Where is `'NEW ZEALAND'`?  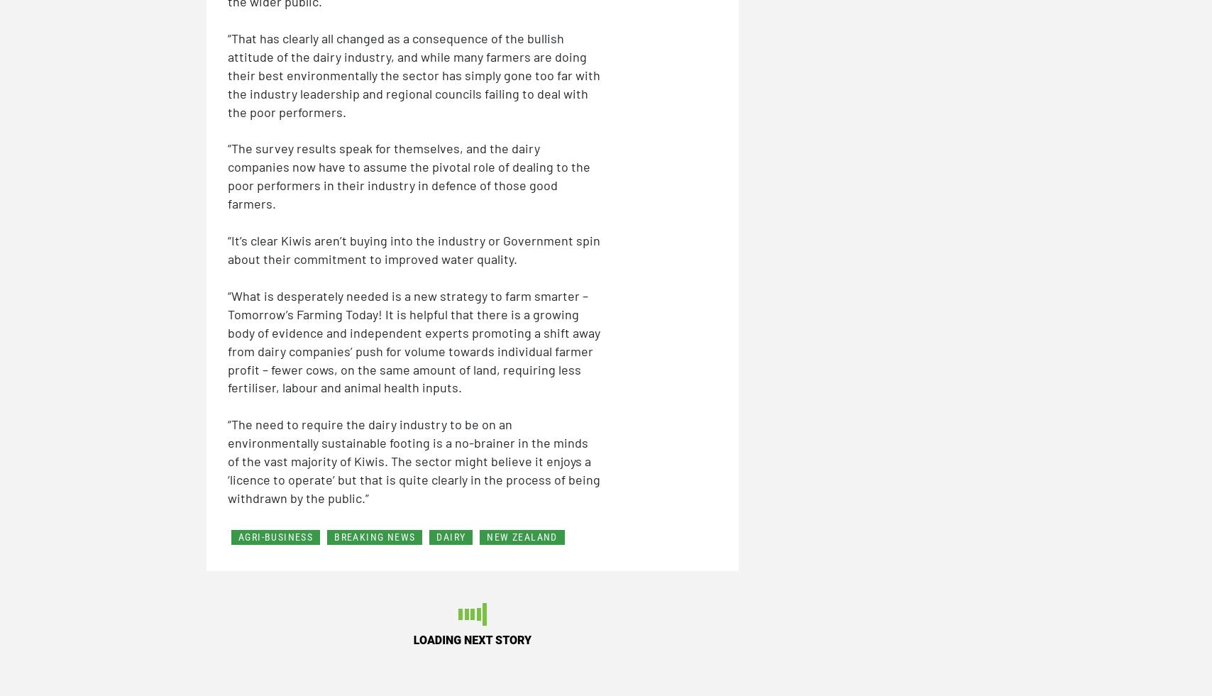 'NEW ZEALAND' is located at coordinates (522, 536).